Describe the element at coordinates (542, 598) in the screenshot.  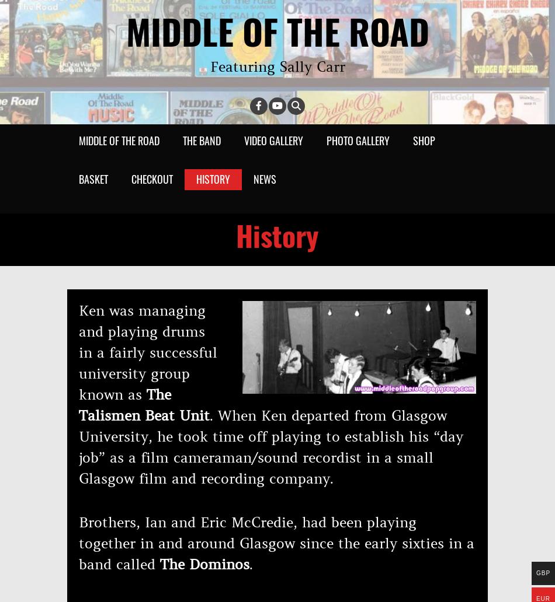
I see `'EUR'` at that location.